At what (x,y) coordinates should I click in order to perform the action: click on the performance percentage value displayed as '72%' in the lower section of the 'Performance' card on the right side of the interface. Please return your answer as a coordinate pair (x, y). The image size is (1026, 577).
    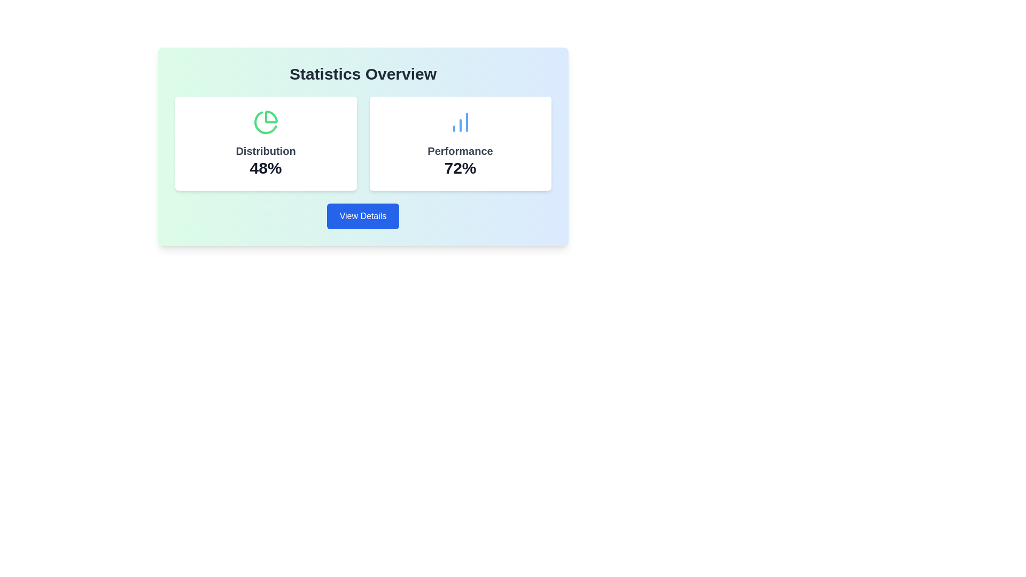
    Looking at the image, I should click on (460, 168).